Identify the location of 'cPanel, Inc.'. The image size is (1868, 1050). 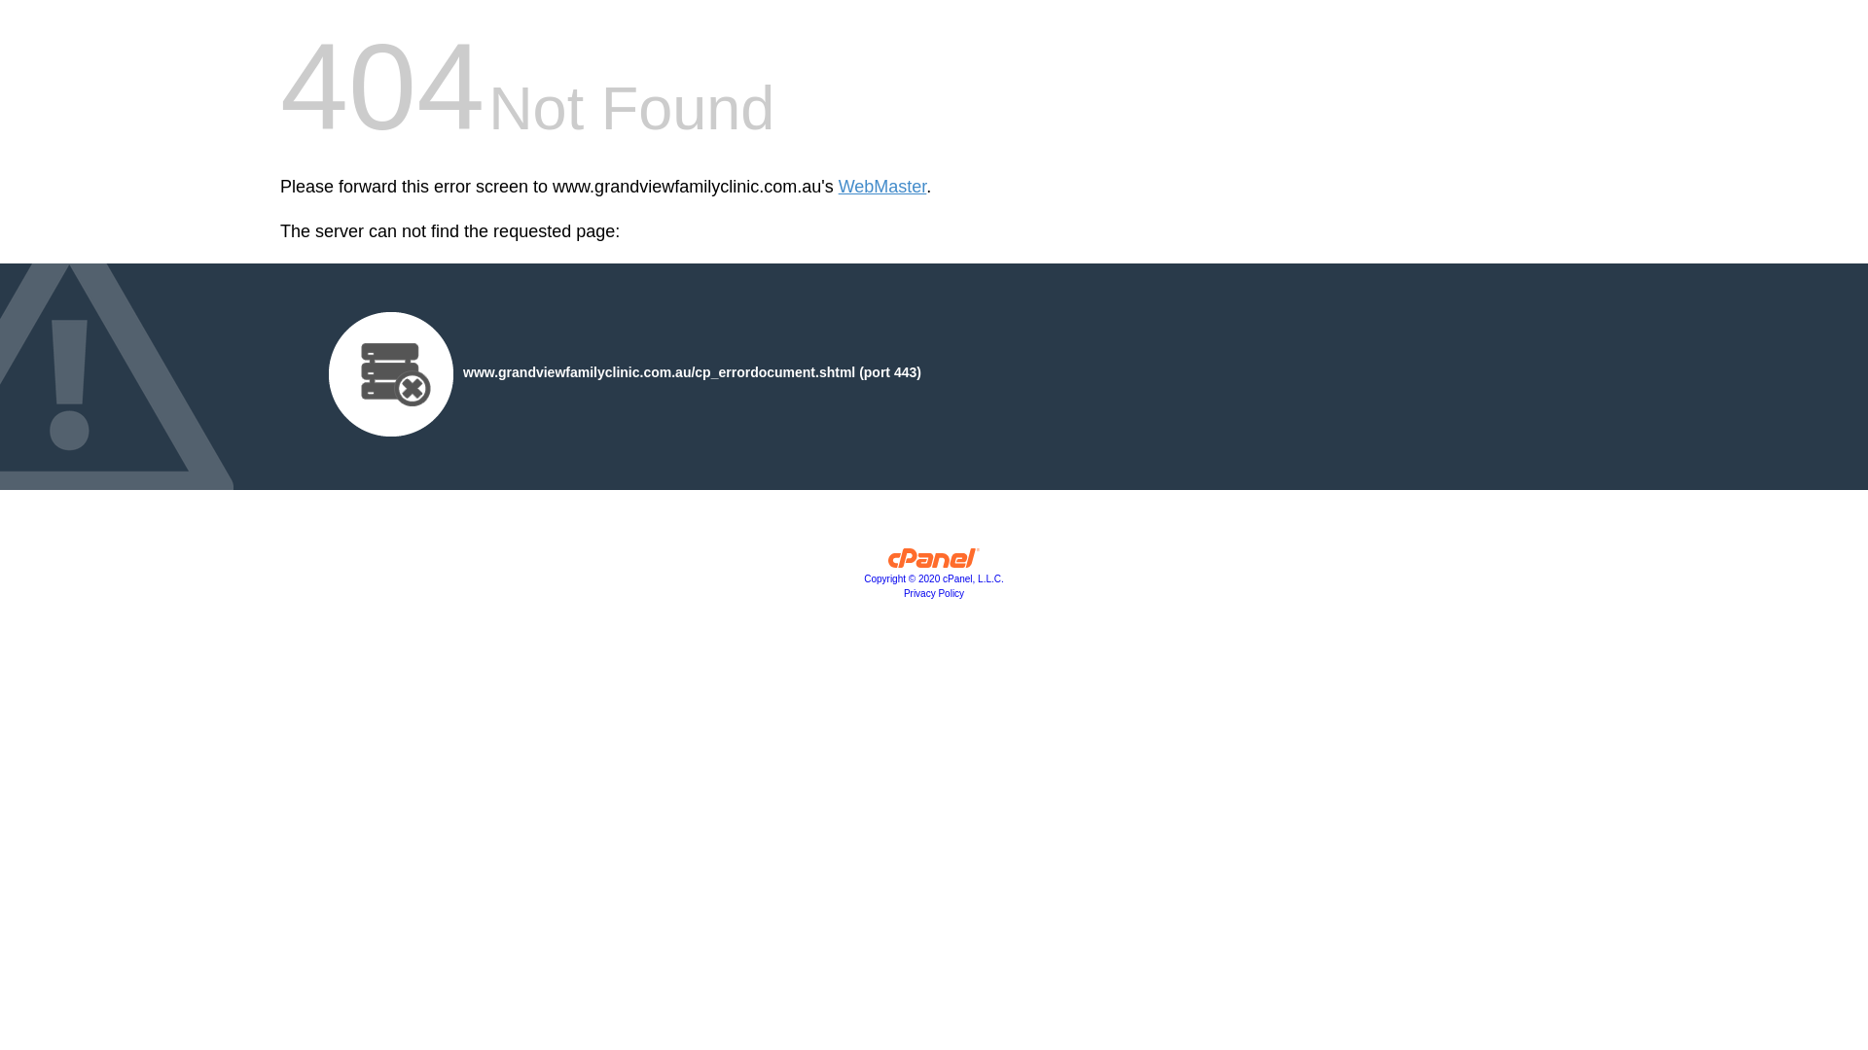
(934, 562).